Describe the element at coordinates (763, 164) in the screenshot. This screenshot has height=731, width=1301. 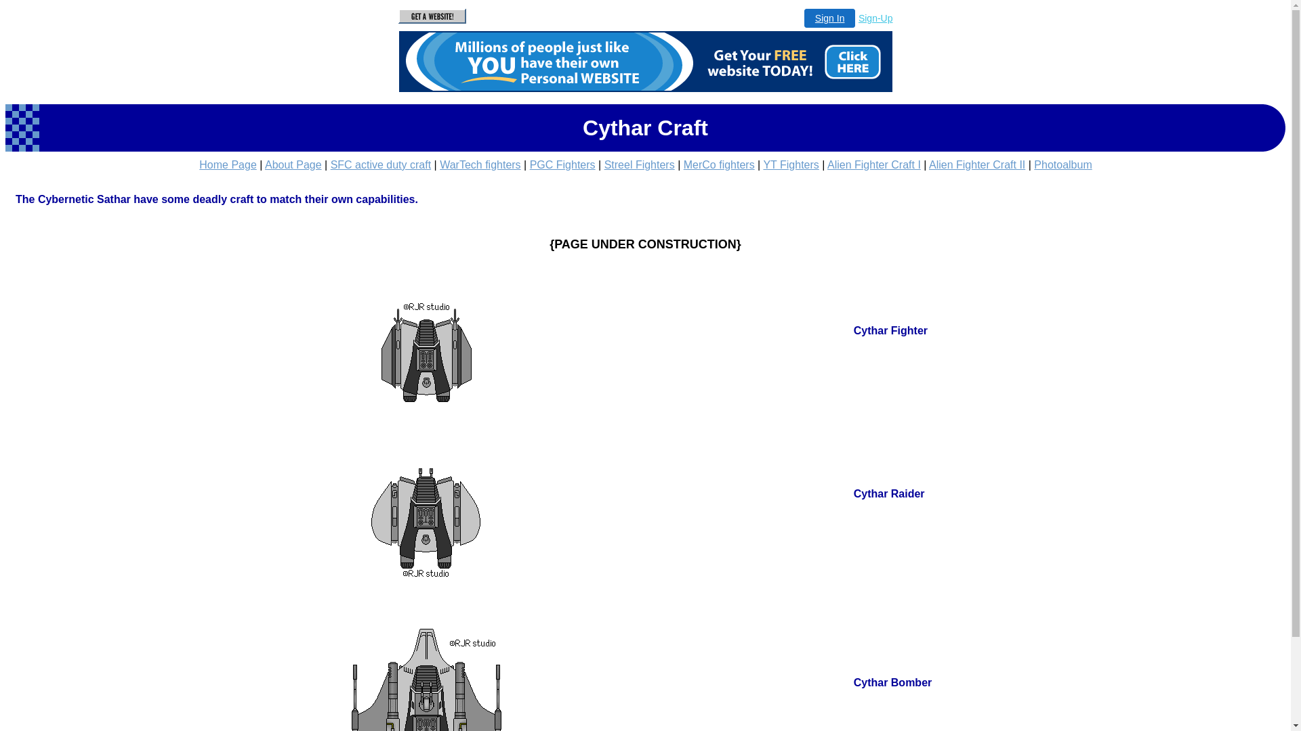
I see `'YT Fighters'` at that location.